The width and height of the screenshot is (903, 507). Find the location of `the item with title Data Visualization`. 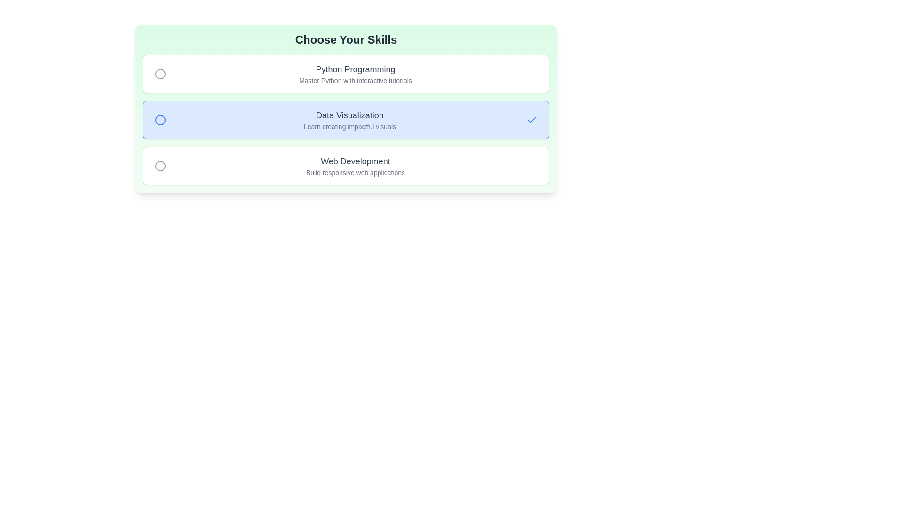

the item with title Data Visualization is located at coordinates (345, 119).